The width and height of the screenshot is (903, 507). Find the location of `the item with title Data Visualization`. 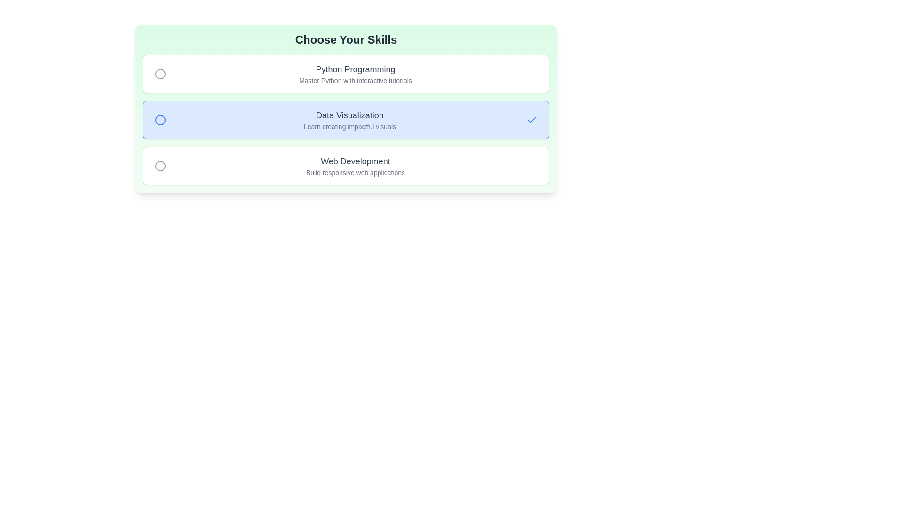

the item with title Data Visualization is located at coordinates (345, 119).